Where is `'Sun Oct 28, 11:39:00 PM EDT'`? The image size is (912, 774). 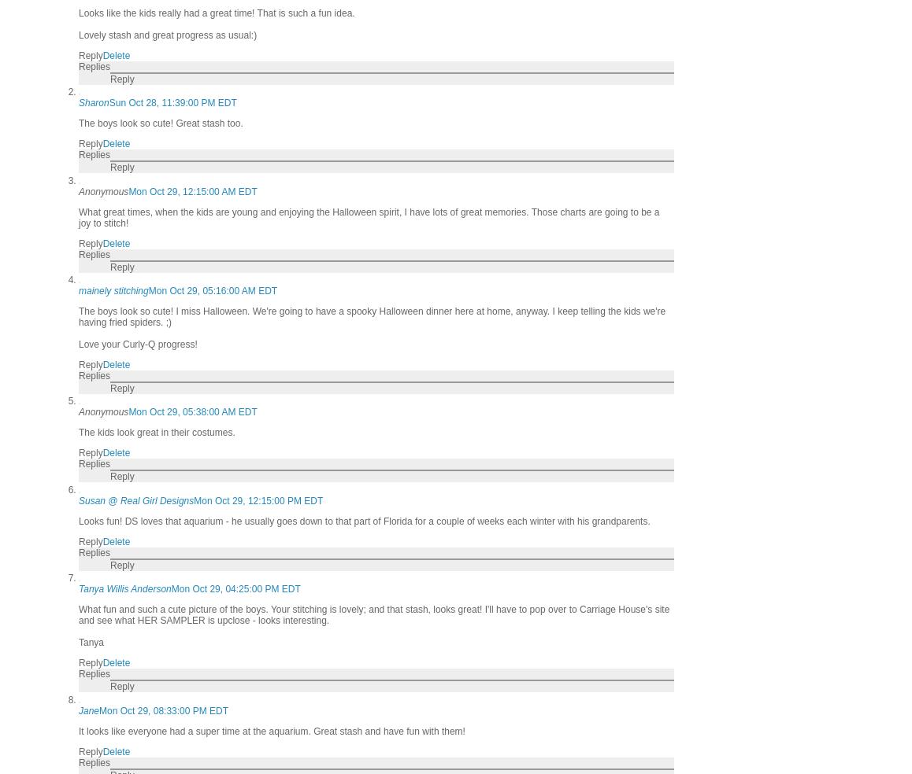 'Sun Oct 28, 11:39:00 PM EDT' is located at coordinates (172, 102).